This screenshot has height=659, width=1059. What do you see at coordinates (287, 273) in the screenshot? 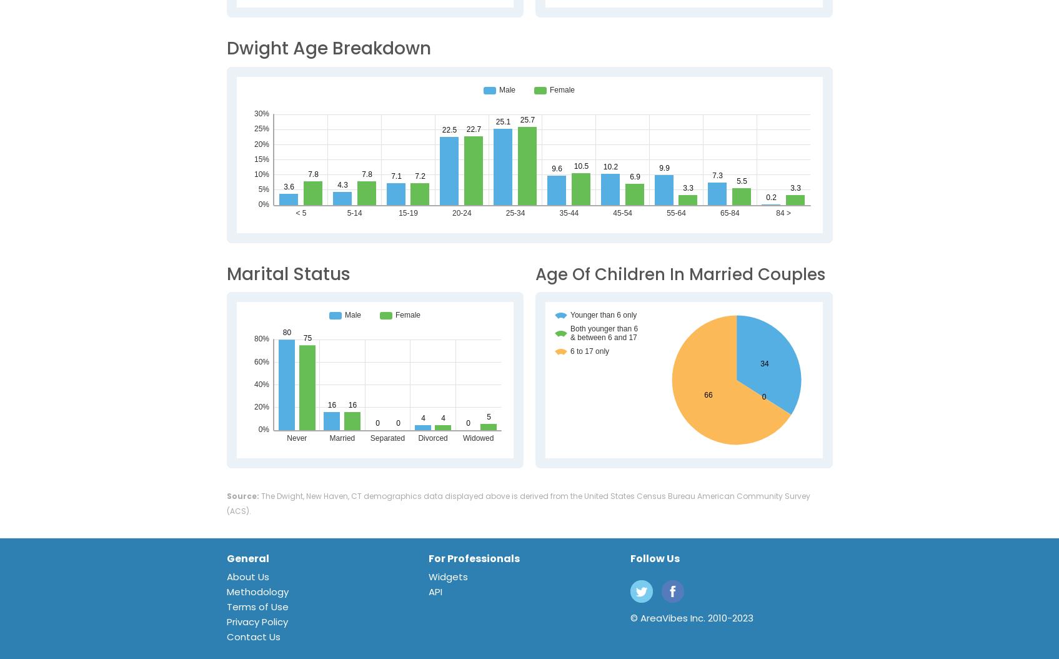
I see `'Marital status'` at bounding box center [287, 273].